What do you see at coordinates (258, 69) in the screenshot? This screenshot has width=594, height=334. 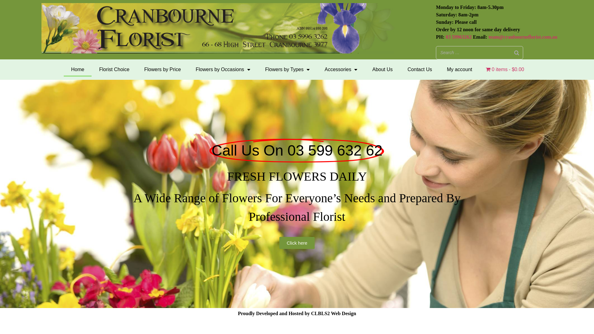 I see `'Flowers by Types'` at bounding box center [258, 69].